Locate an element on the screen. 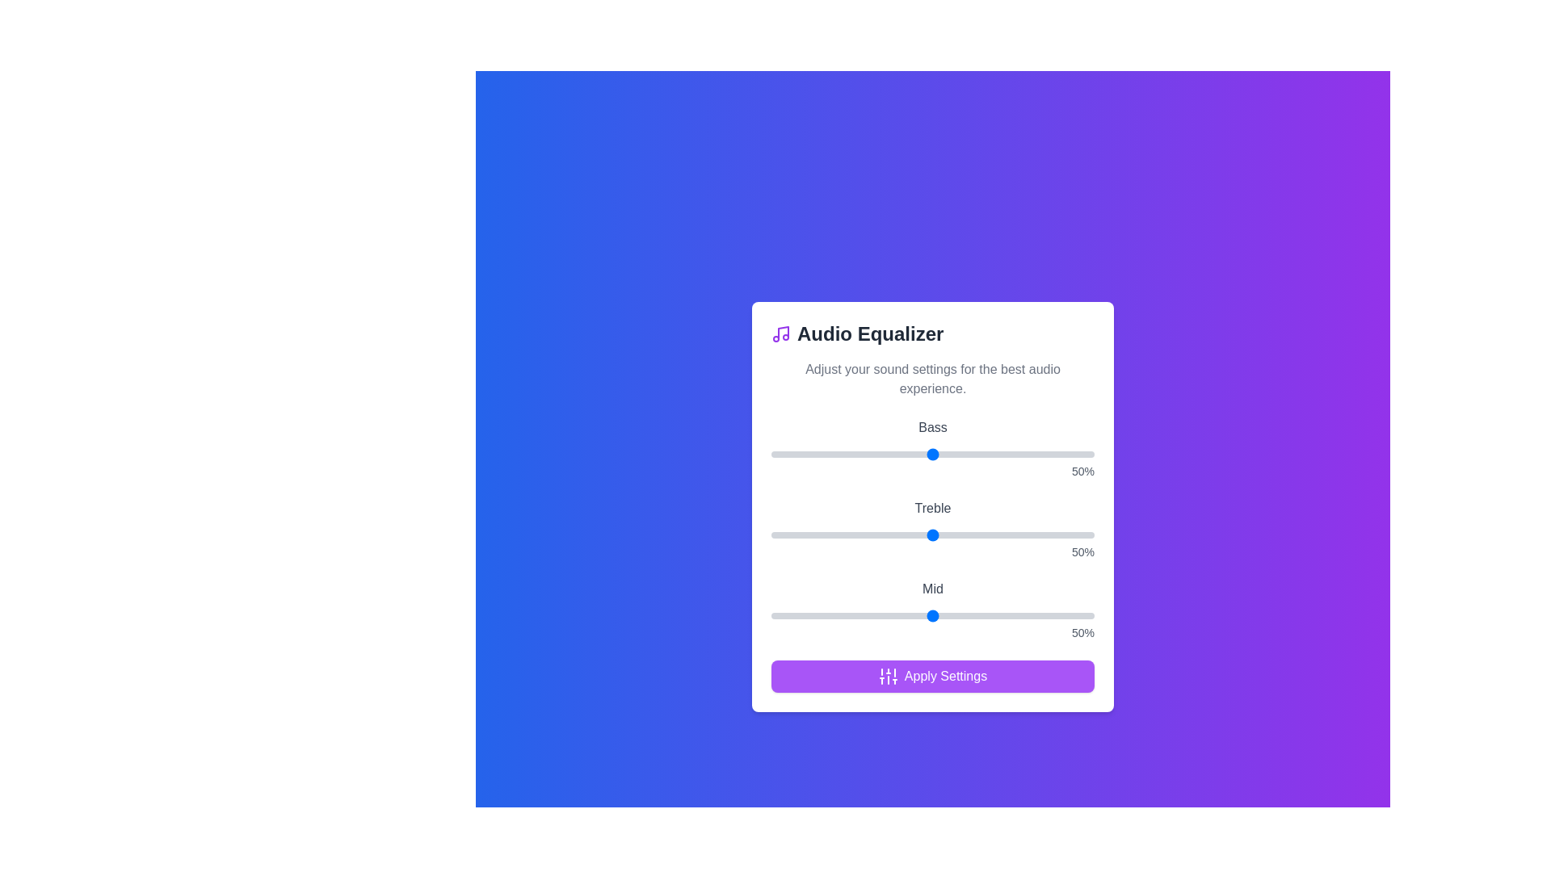 This screenshot has width=1551, height=872. the treble slider to 62% is located at coordinates (971, 535).